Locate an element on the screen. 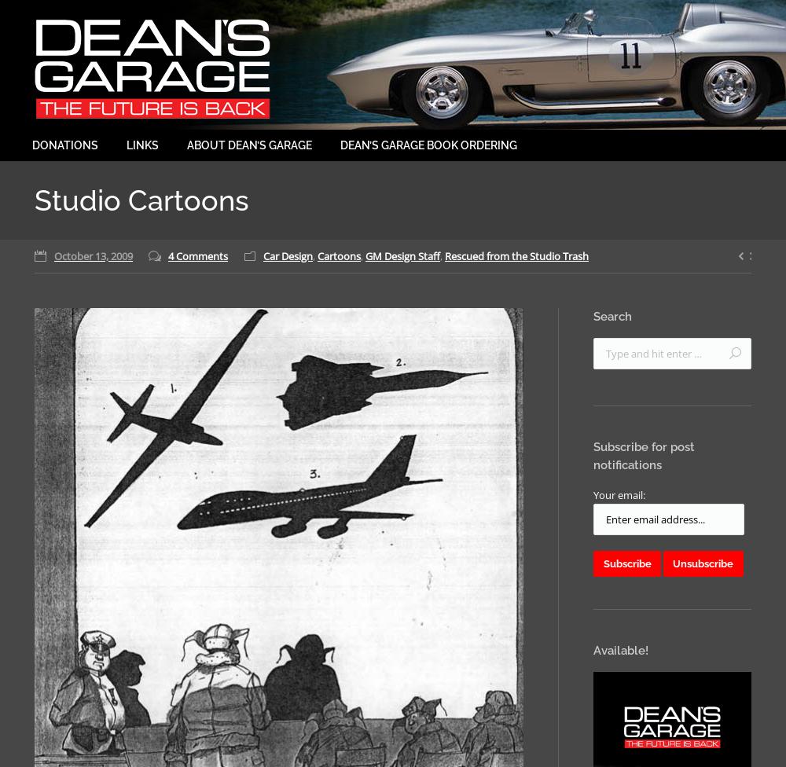  'Links' is located at coordinates (142, 144).